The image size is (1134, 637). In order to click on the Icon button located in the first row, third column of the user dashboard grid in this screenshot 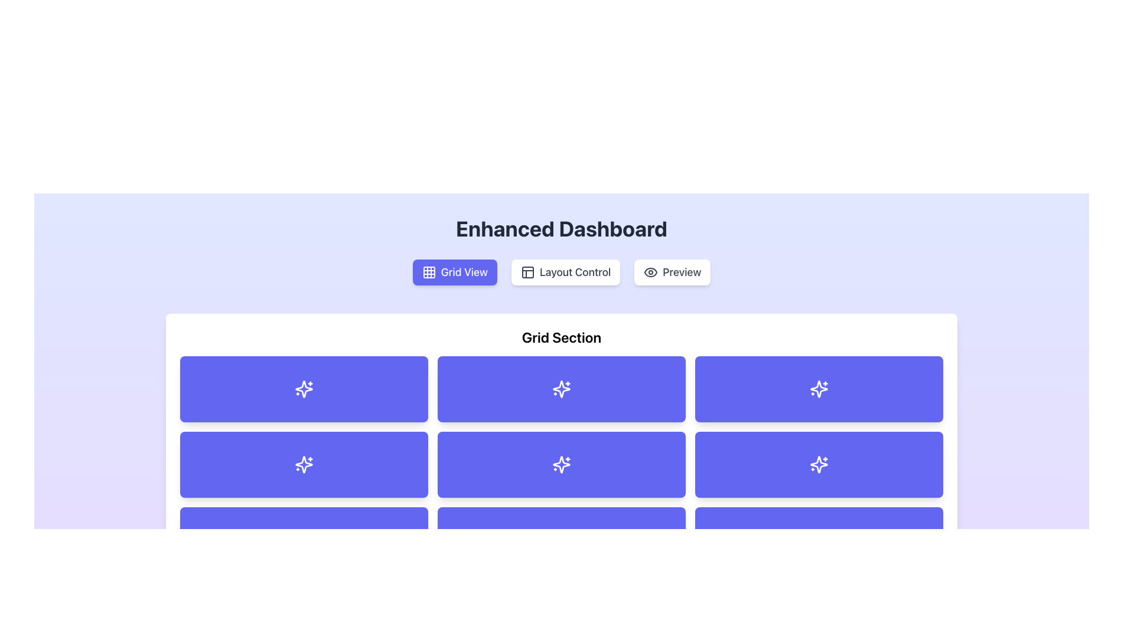, I will do `click(818, 389)`.